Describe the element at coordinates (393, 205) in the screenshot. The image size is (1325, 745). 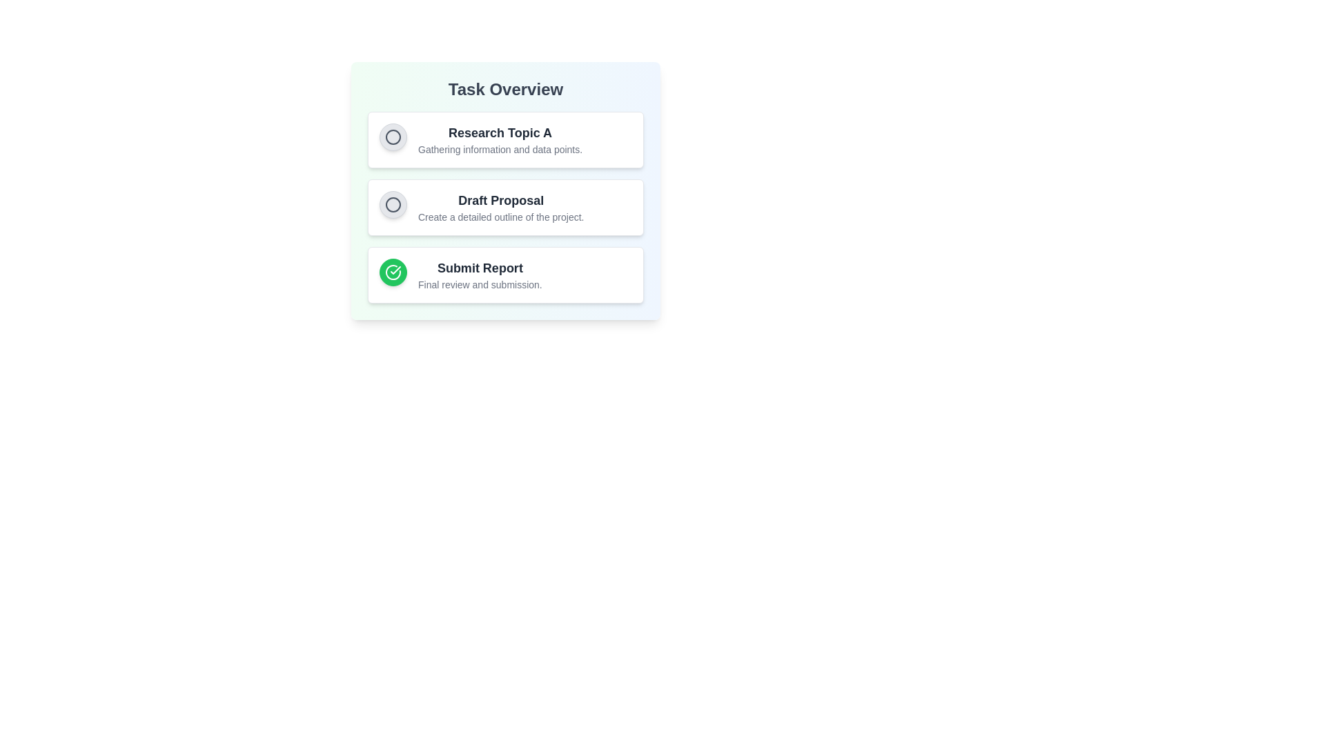
I see `the circular SVG element that is part of the icon representation aligned with the 'Draft Proposal' task in the vertical list` at that location.